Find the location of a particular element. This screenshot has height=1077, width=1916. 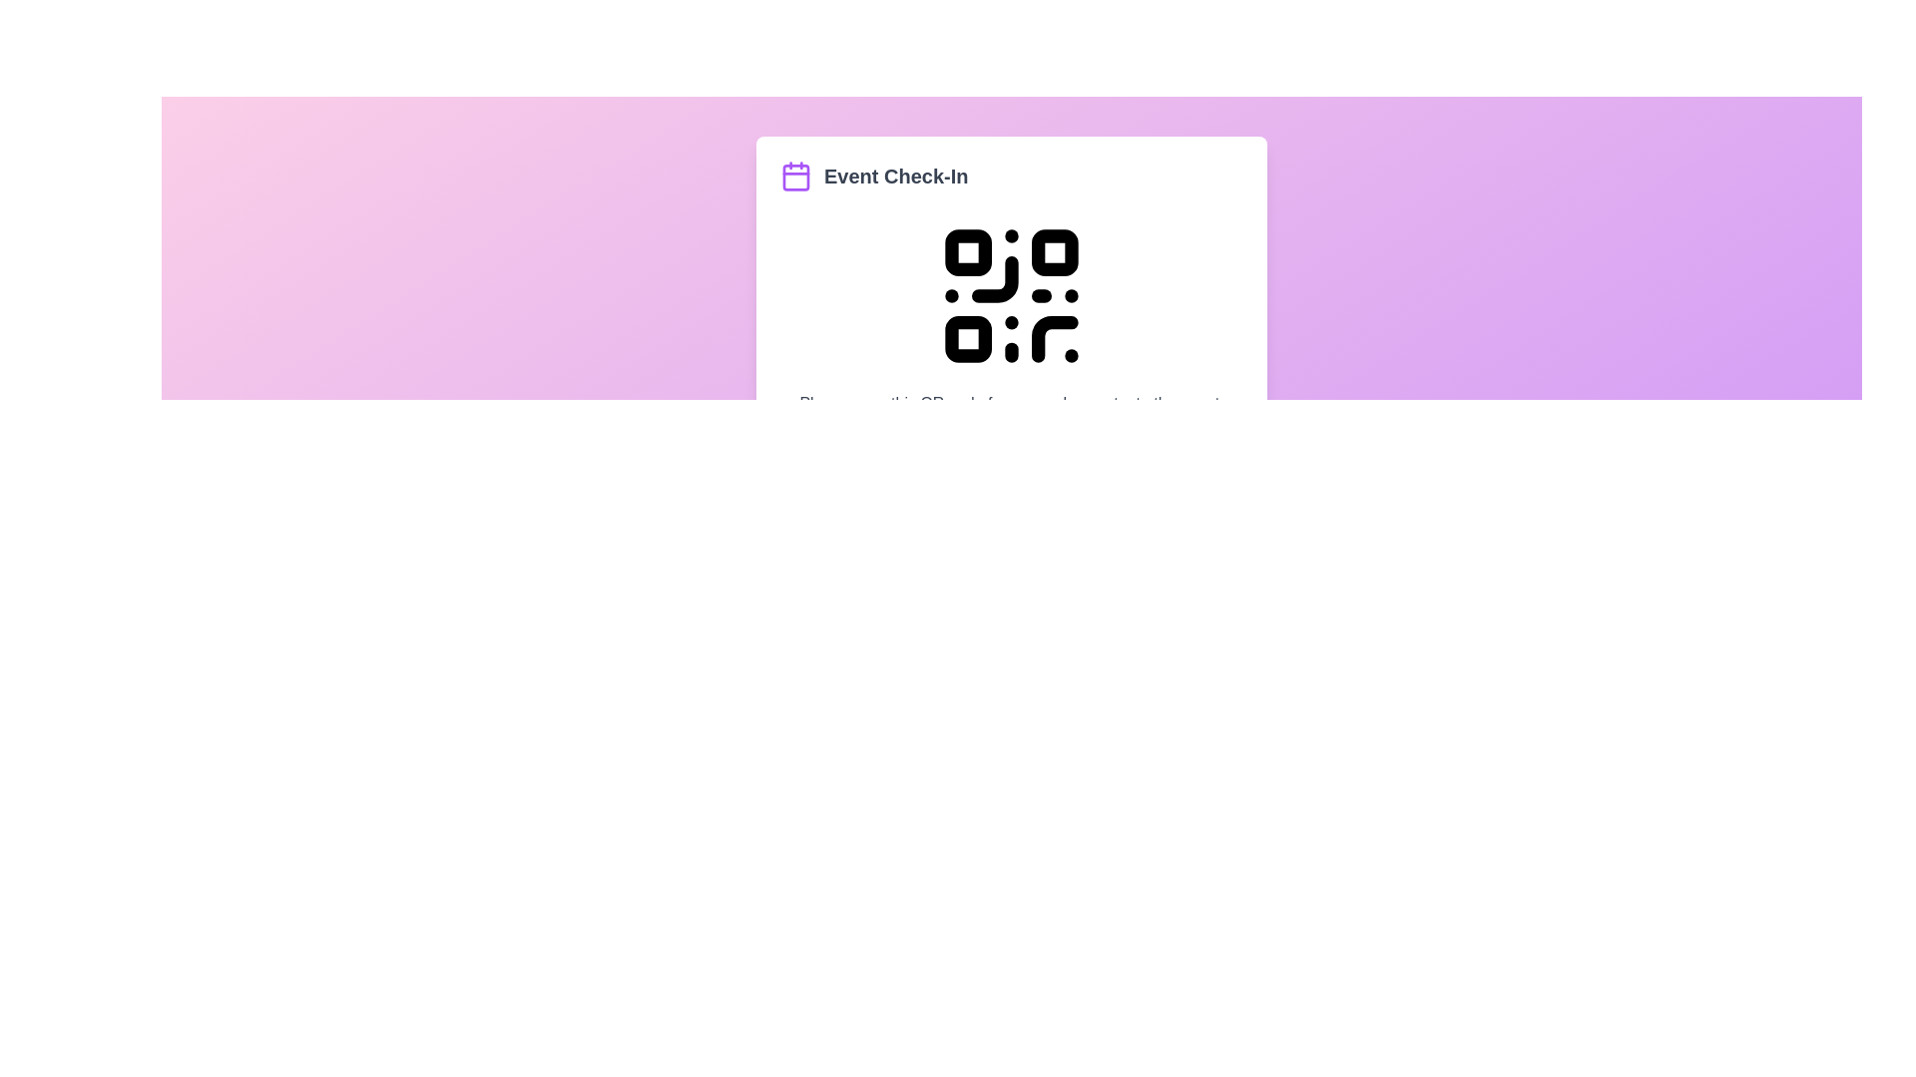

the purple rounded square icon within the calendar icon, located adjacent to the 'Event Check-In' text is located at coordinates (794, 176).